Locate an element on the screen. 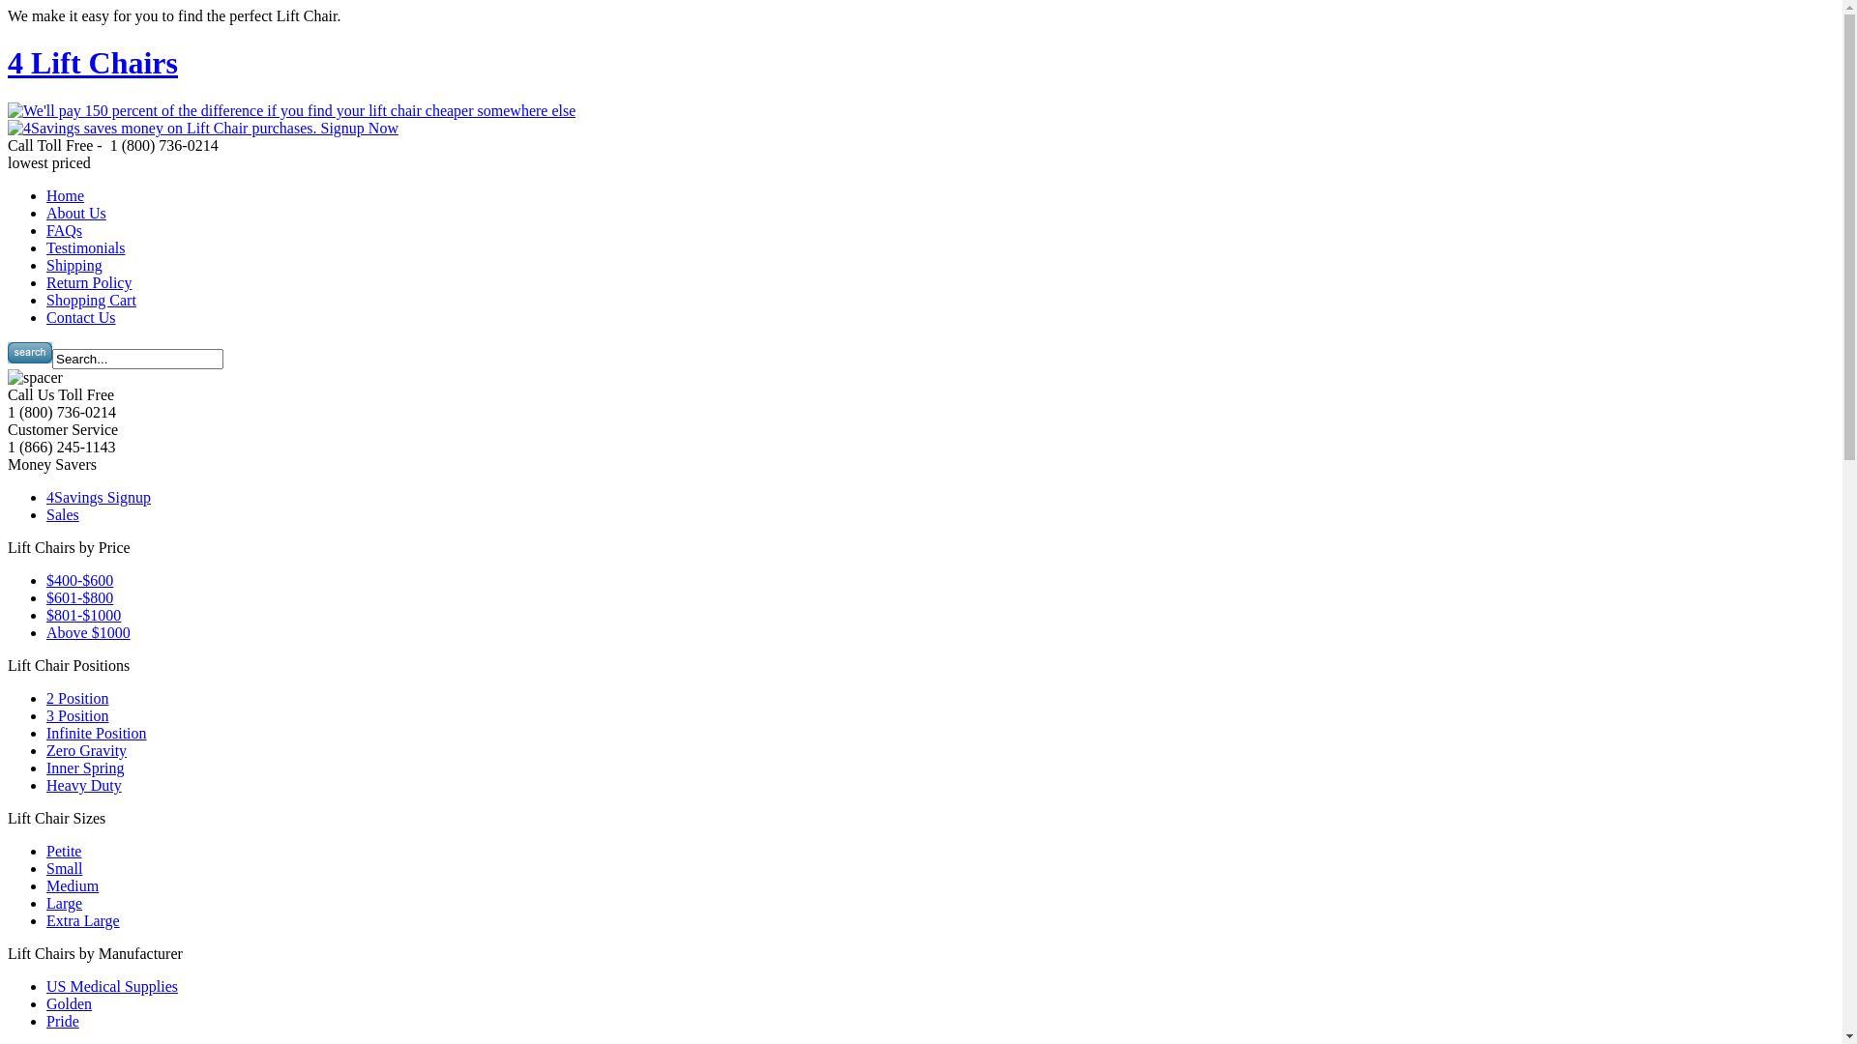 This screenshot has width=1857, height=1044. '$400-$600' is located at coordinates (78, 579).